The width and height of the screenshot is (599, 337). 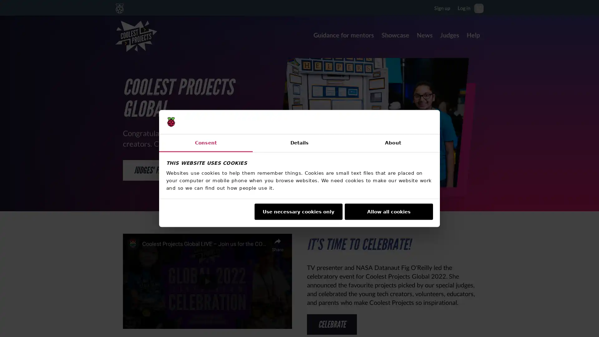 What do you see at coordinates (442, 7) in the screenshot?
I see `Sign up` at bounding box center [442, 7].